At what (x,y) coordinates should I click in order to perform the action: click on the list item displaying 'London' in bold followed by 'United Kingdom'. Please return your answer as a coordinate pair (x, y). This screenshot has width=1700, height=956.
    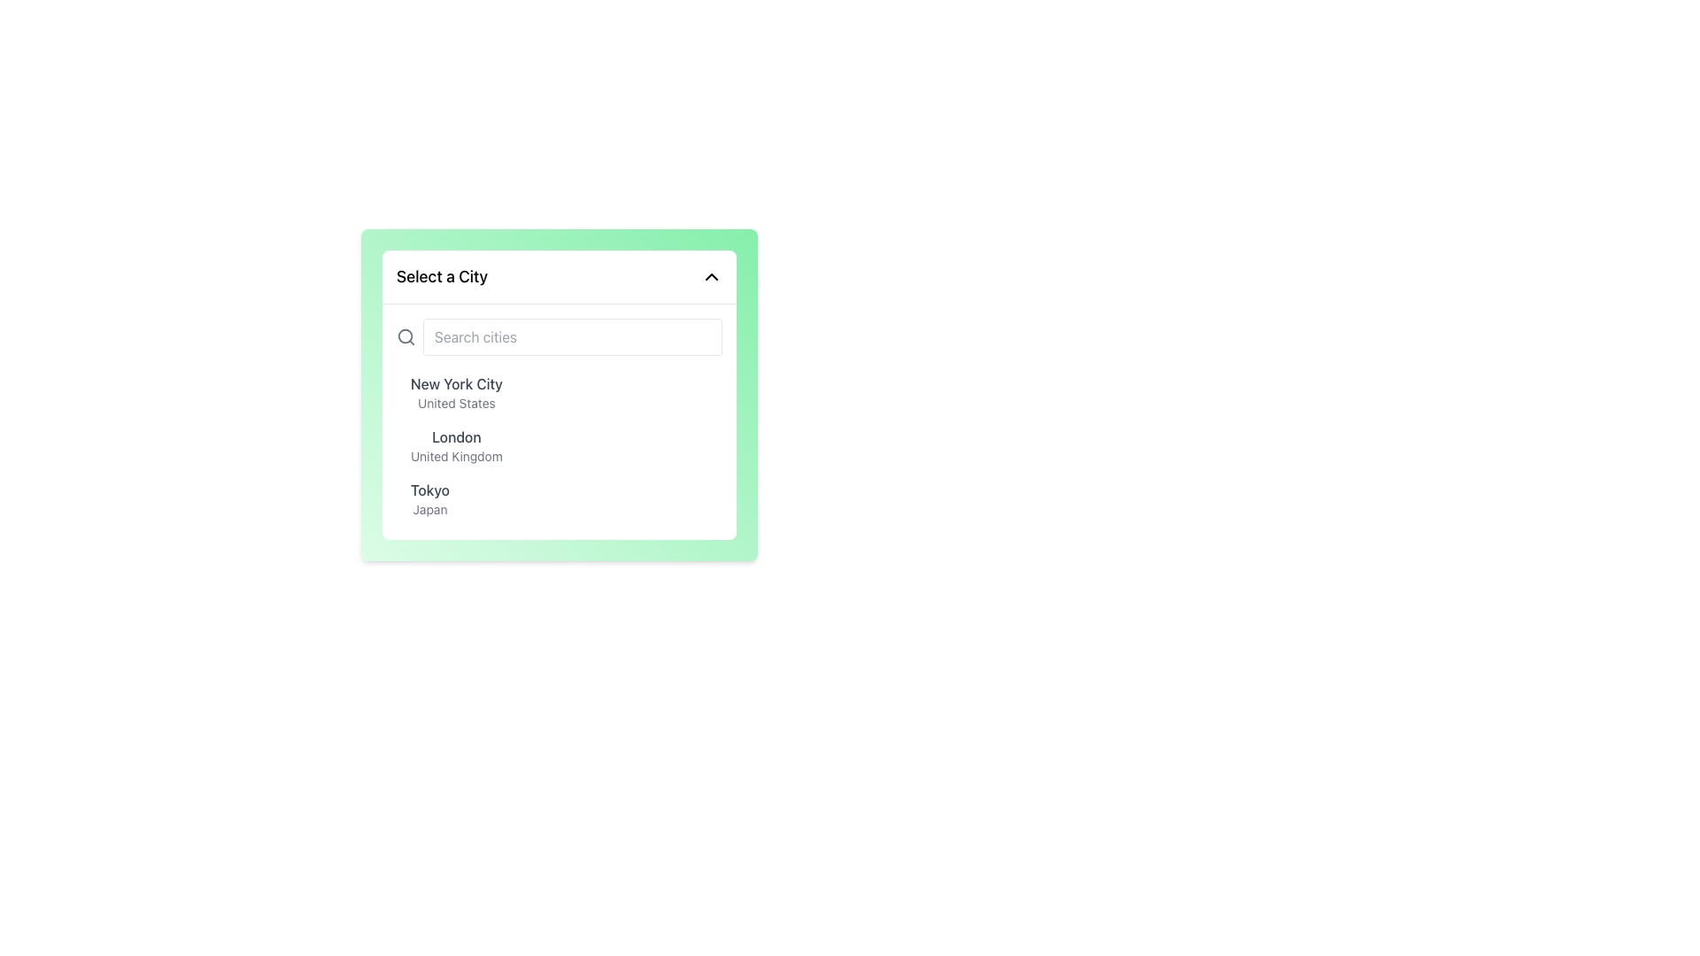
    Looking at the image, I should click on (456, 445).